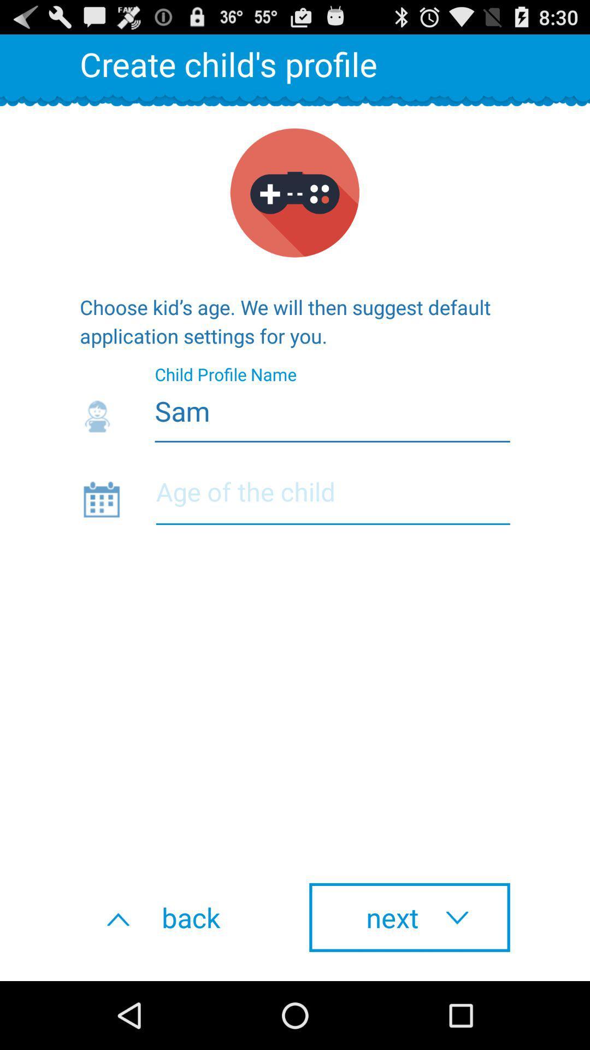 The width and height of the screenshot is (590, 1050). What do you see at coordinates (332, 498) in the screenshot?
I see `age of child` at bounding box center [332, 498].